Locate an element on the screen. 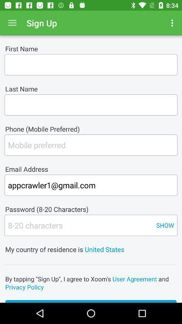 The image size is (182, 324). the icon above first name item is located at coordinates (173, 23).